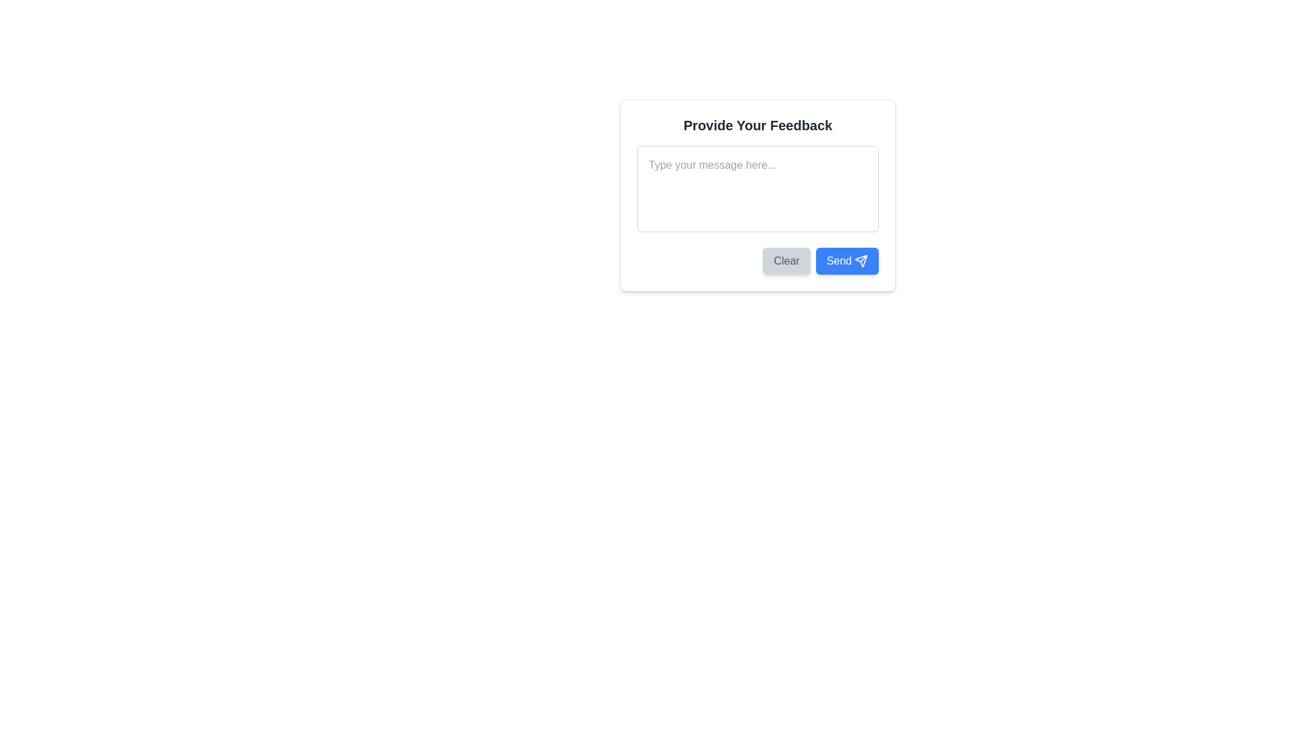  Describe the element at coordinates (861, 261) in the screenshot. I see `the 'Send' button icon located at the bottom right of the feedback form to indicate the sending action` at that location.